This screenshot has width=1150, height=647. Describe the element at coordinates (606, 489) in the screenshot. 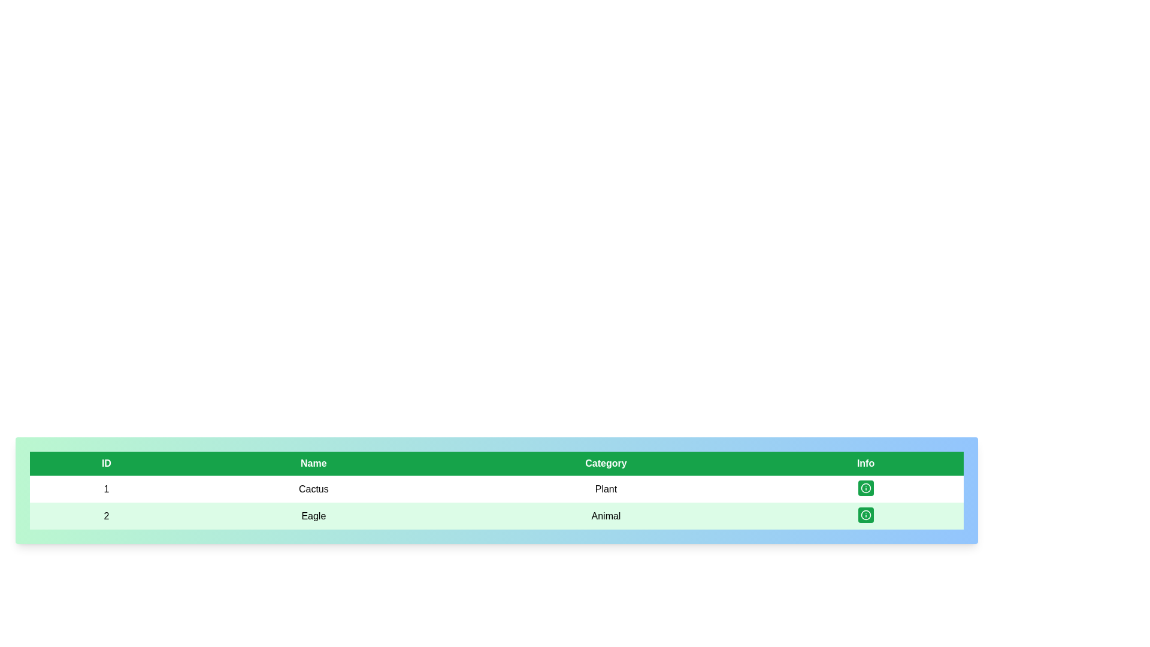

I see `the Text label in the third column of the first data row, which describes the category 'Plant' in the table` at that location.